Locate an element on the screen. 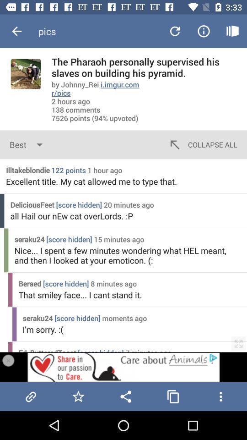  the copy button on the web page is located at coordinates (173, 396).